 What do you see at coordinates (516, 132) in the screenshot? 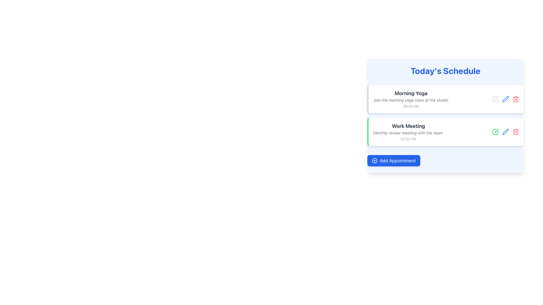
I see `the delete button icon at the right end of the horizontal row of icons within the 'Work Meeting' card` at bounding box center [516, 132].